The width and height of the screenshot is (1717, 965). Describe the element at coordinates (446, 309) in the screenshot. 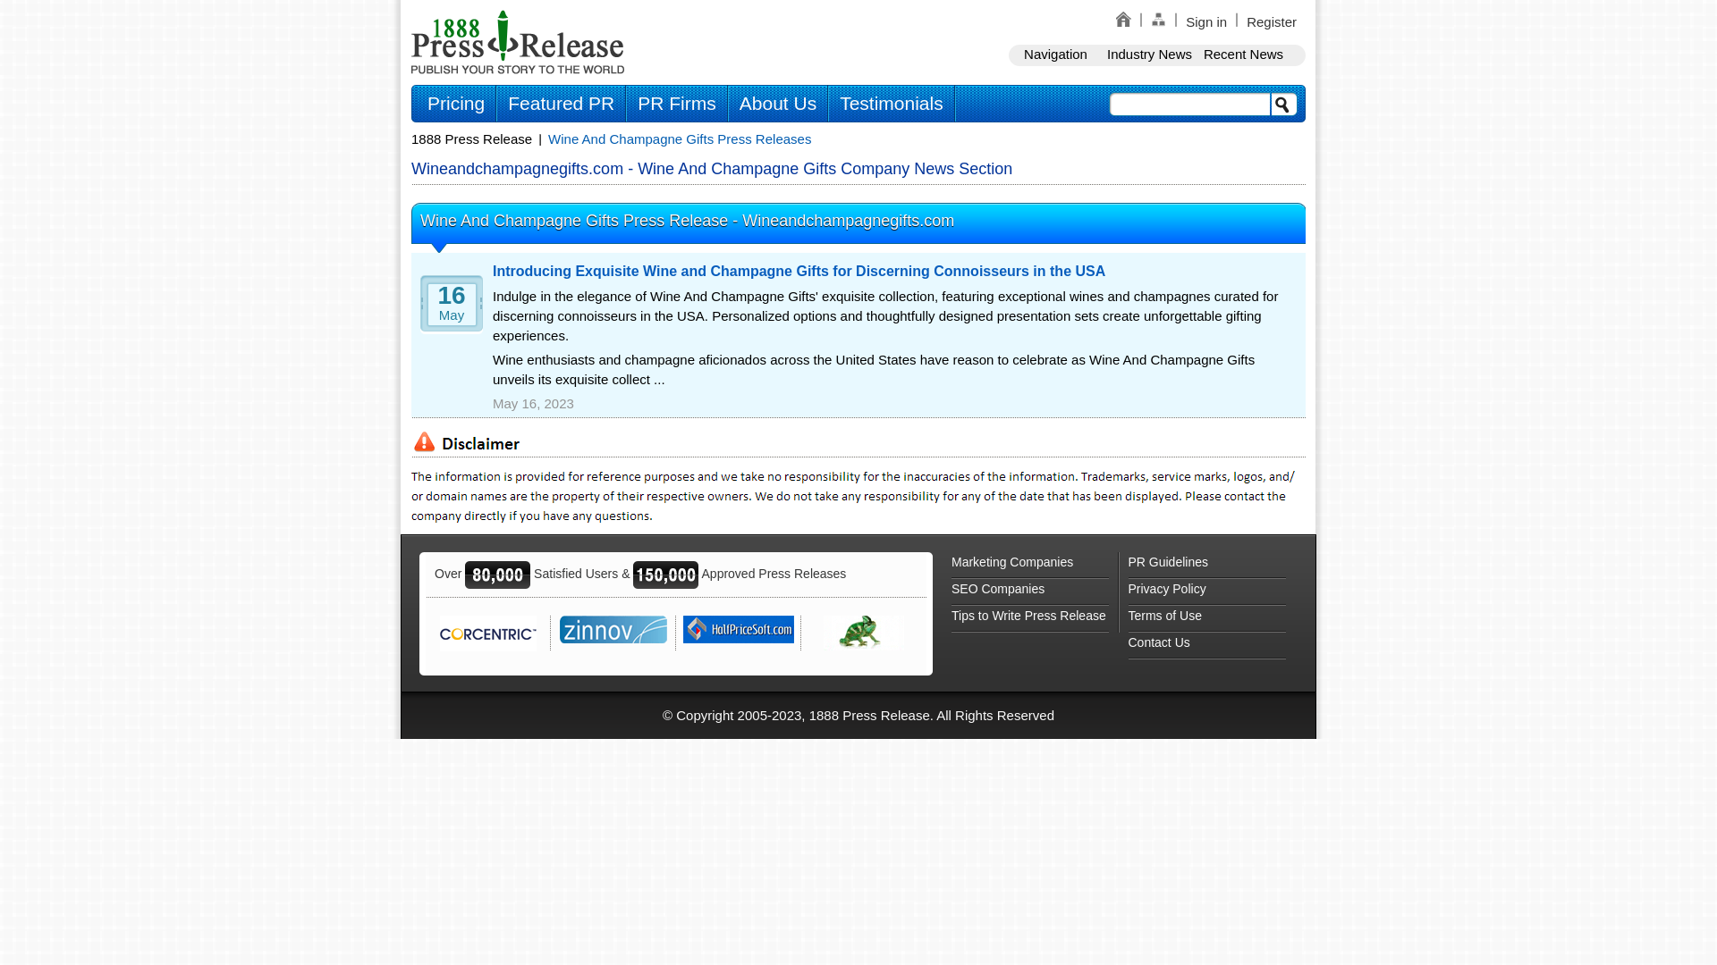

I see `'16` at that location.